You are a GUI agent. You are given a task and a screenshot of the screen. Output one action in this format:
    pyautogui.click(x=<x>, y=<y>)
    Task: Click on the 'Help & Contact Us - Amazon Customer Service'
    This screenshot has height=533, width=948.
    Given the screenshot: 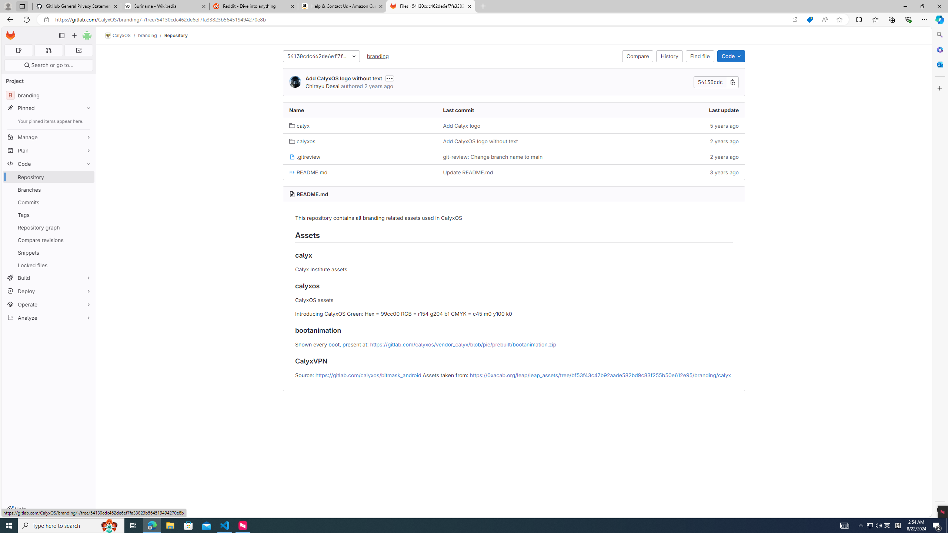 What is the action you would take?
    pyautogui.click(x=342, y=6)
    